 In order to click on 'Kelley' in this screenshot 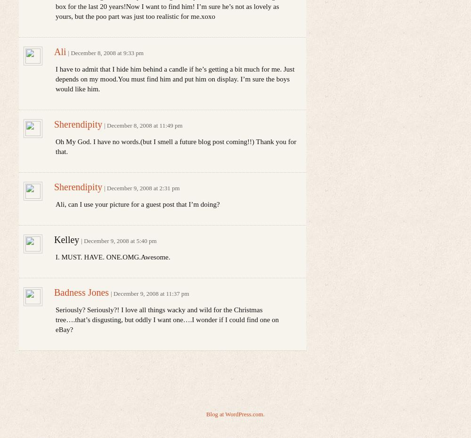, I will do `click(66, 239)`.